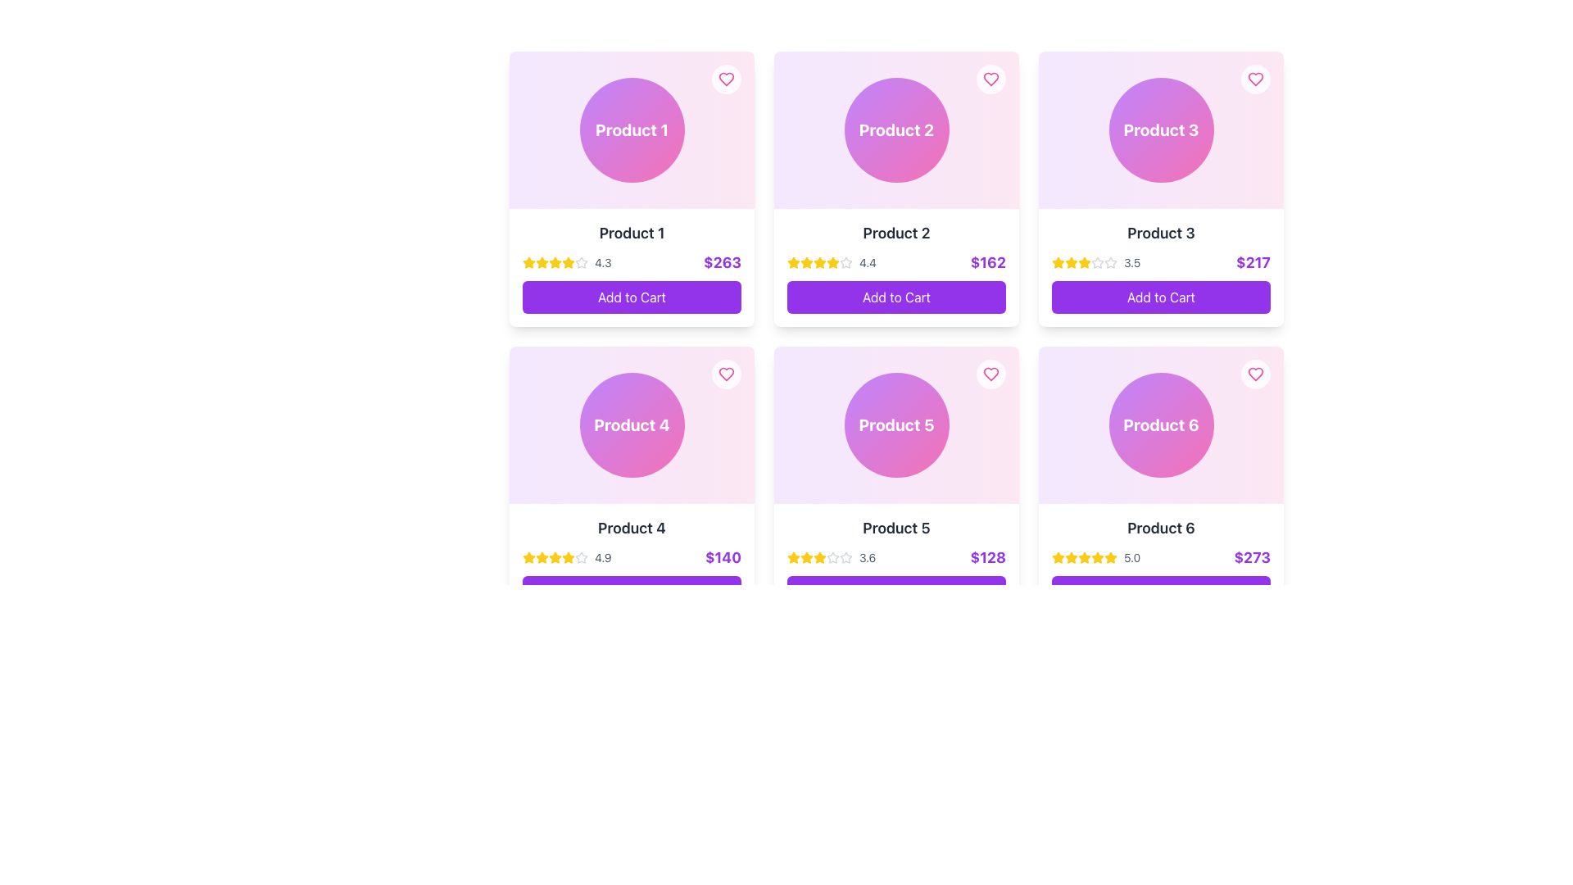 This screenshot has width=1573, height=885. Describe the element at coordinates (602, 261) in the screenshot. I see `the static text label that conveys the numerical rating for 'Product 1', located immediately to the right of the star icons in the bottom section of the product card` at that location.